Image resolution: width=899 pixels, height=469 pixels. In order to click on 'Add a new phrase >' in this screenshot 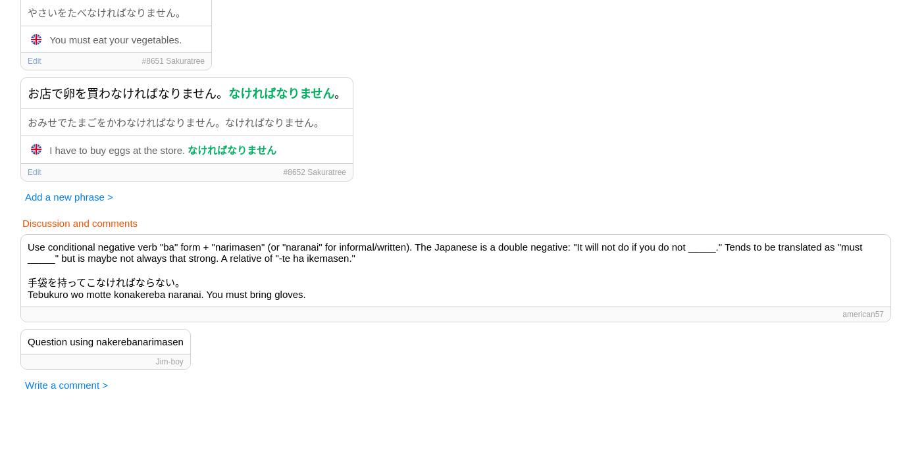, I will do `click(68, 195)`.